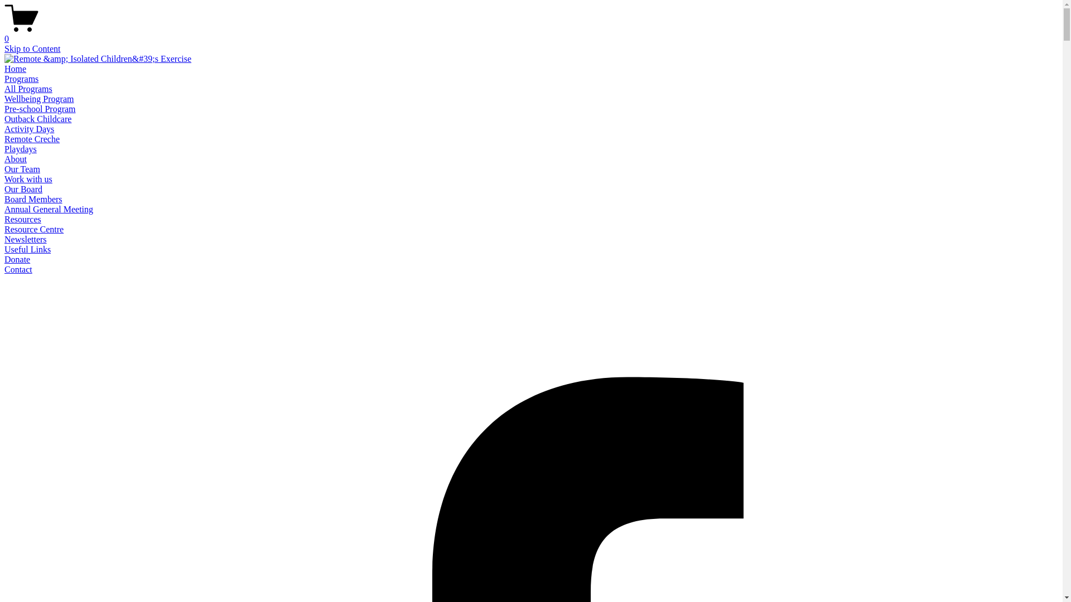 This screenshot has height=602, width=1071. I want to click on 'About', so click(4, 159).